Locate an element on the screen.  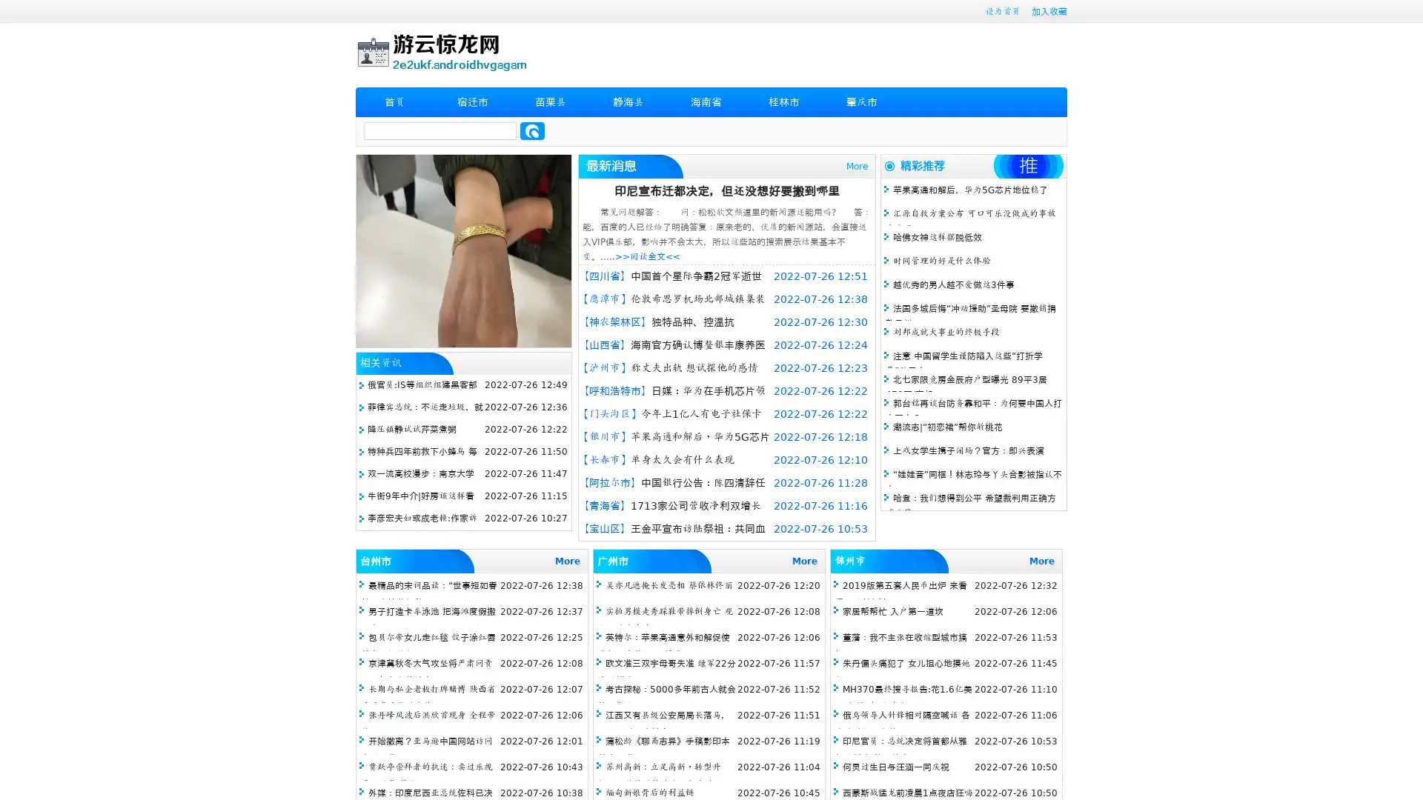
Search is located at coordinates (532, 130).